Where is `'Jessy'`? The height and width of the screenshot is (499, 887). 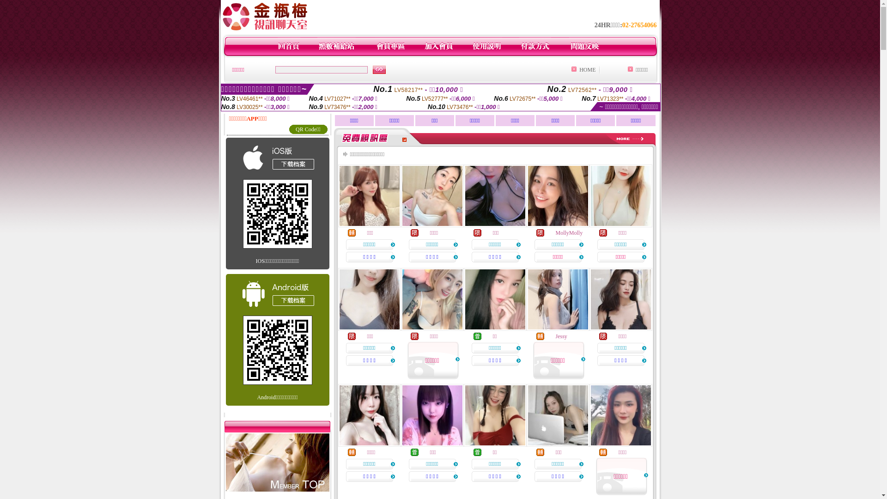 'Jessy' is located at coordinates (560, 336).